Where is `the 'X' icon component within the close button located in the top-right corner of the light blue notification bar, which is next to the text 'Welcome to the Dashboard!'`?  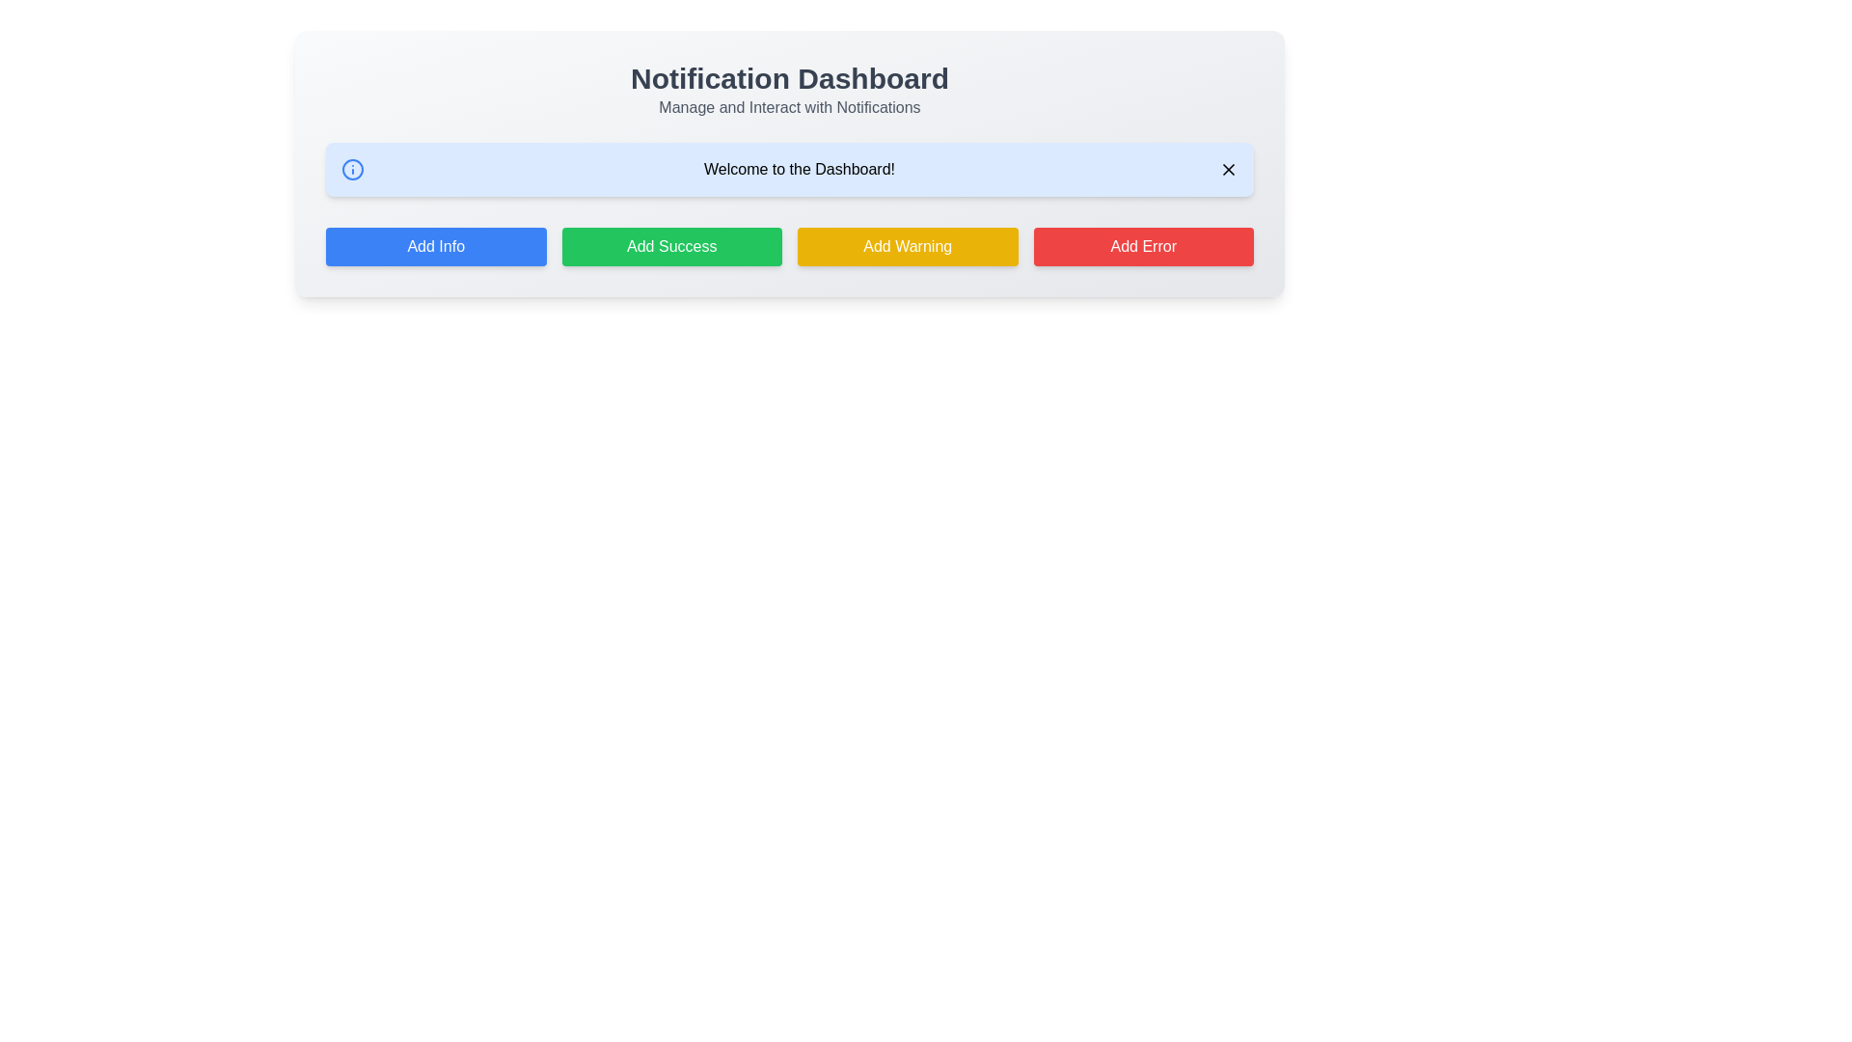
the 'X' icon component within the close button located in the top-right corner of the light blue notification bar, which is next to the text 'Welcome to the Dashboard!' is located at coordinates (1227, 169).